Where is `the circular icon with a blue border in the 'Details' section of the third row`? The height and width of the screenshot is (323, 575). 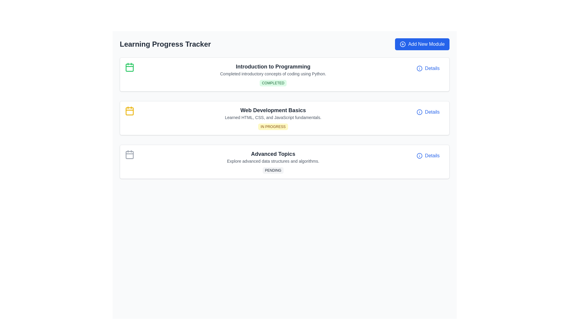
the circular icon with a blue border in the 'Details' section of the third row is located at coordinates (419, 112).